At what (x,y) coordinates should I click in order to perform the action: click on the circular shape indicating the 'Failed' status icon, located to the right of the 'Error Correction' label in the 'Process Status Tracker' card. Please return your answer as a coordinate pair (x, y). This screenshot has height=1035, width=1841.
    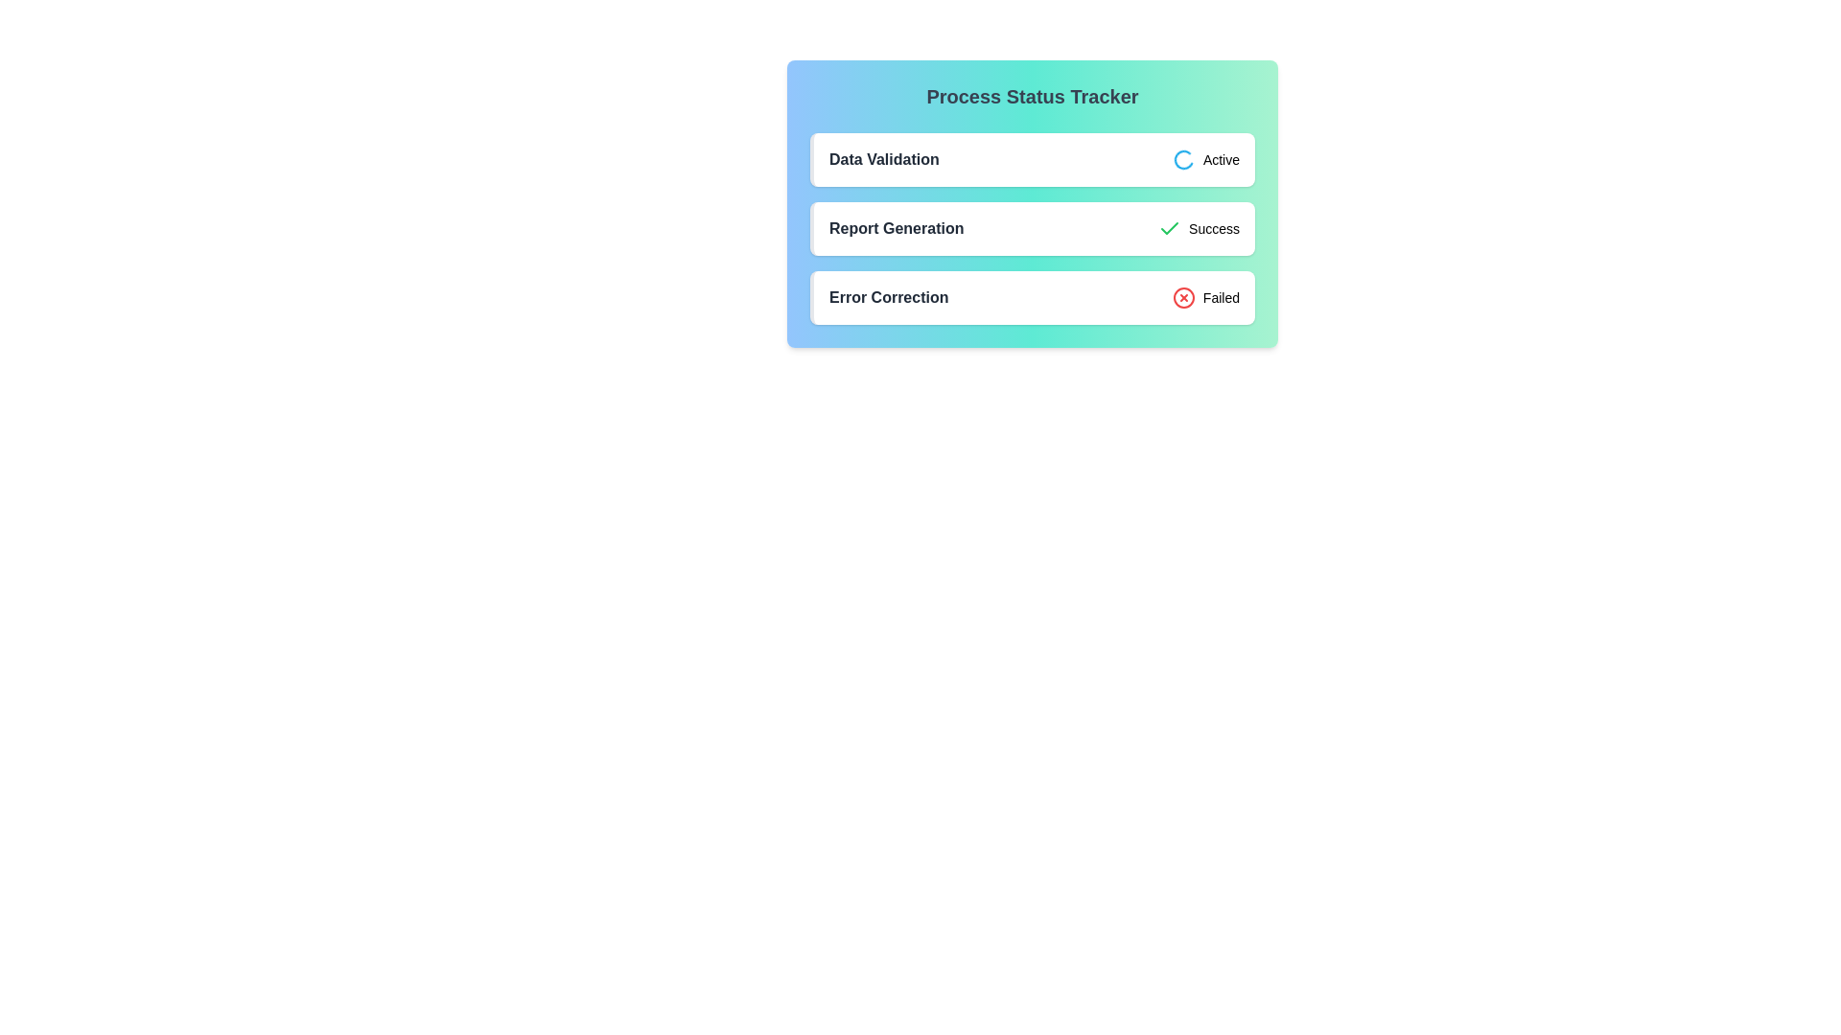
    Looking at the image, I should click on (1182, 298).